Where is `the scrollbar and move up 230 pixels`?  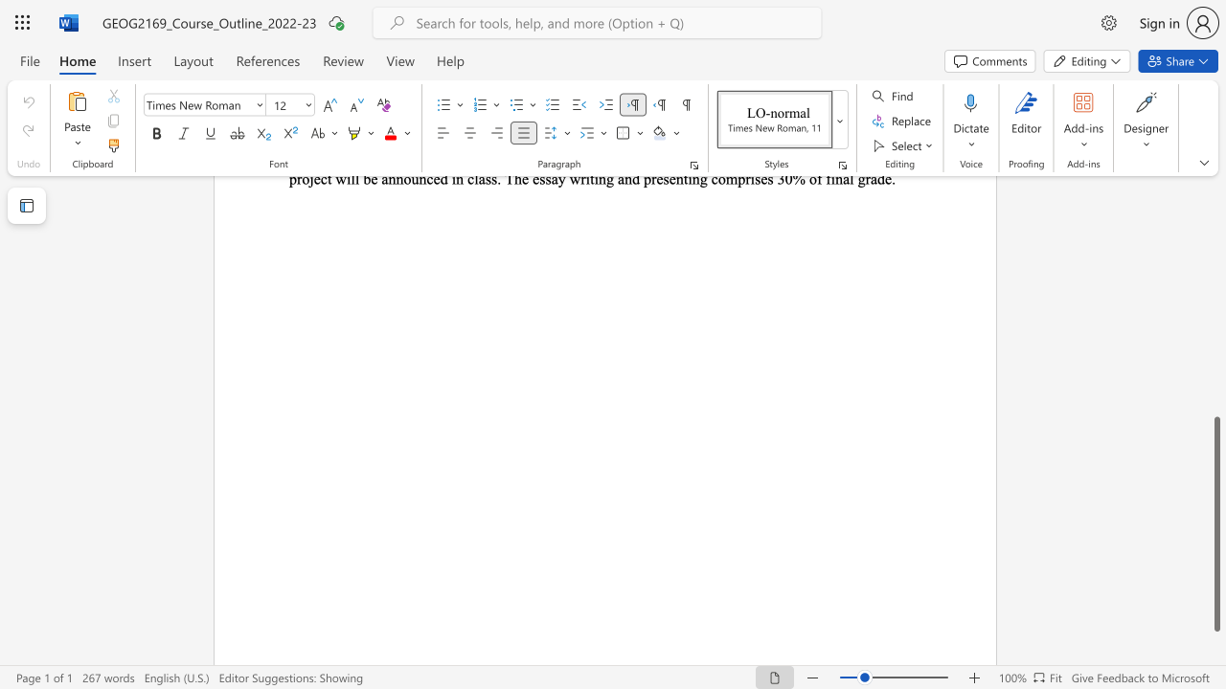 the scrollbar and move up 230 pixels is located at coordinates (1215, 524).